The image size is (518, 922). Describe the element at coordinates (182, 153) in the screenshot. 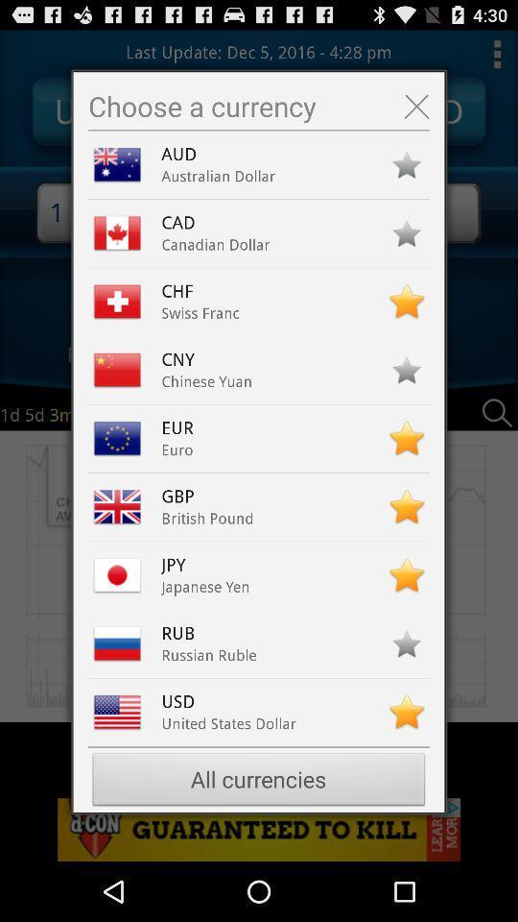

I see `the aud icon` at that location.